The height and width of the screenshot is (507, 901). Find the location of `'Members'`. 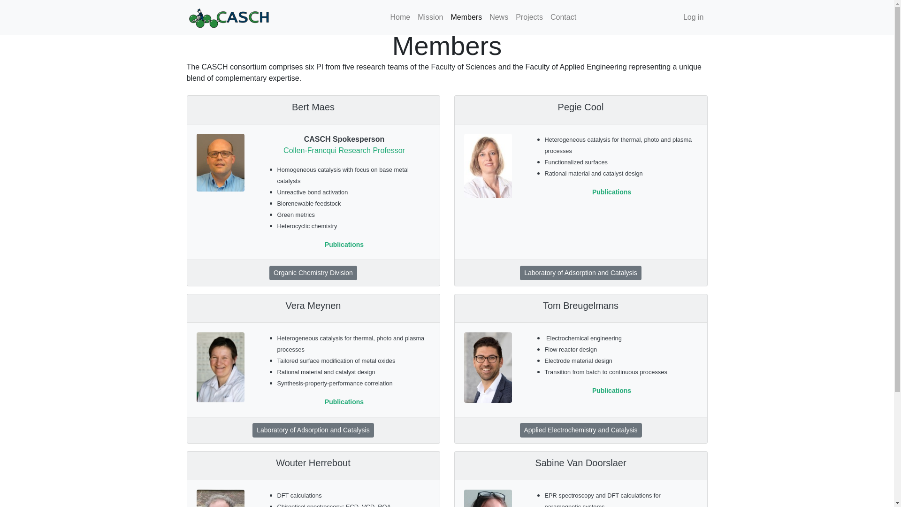

'Members' is located at coordinates (466, 17).